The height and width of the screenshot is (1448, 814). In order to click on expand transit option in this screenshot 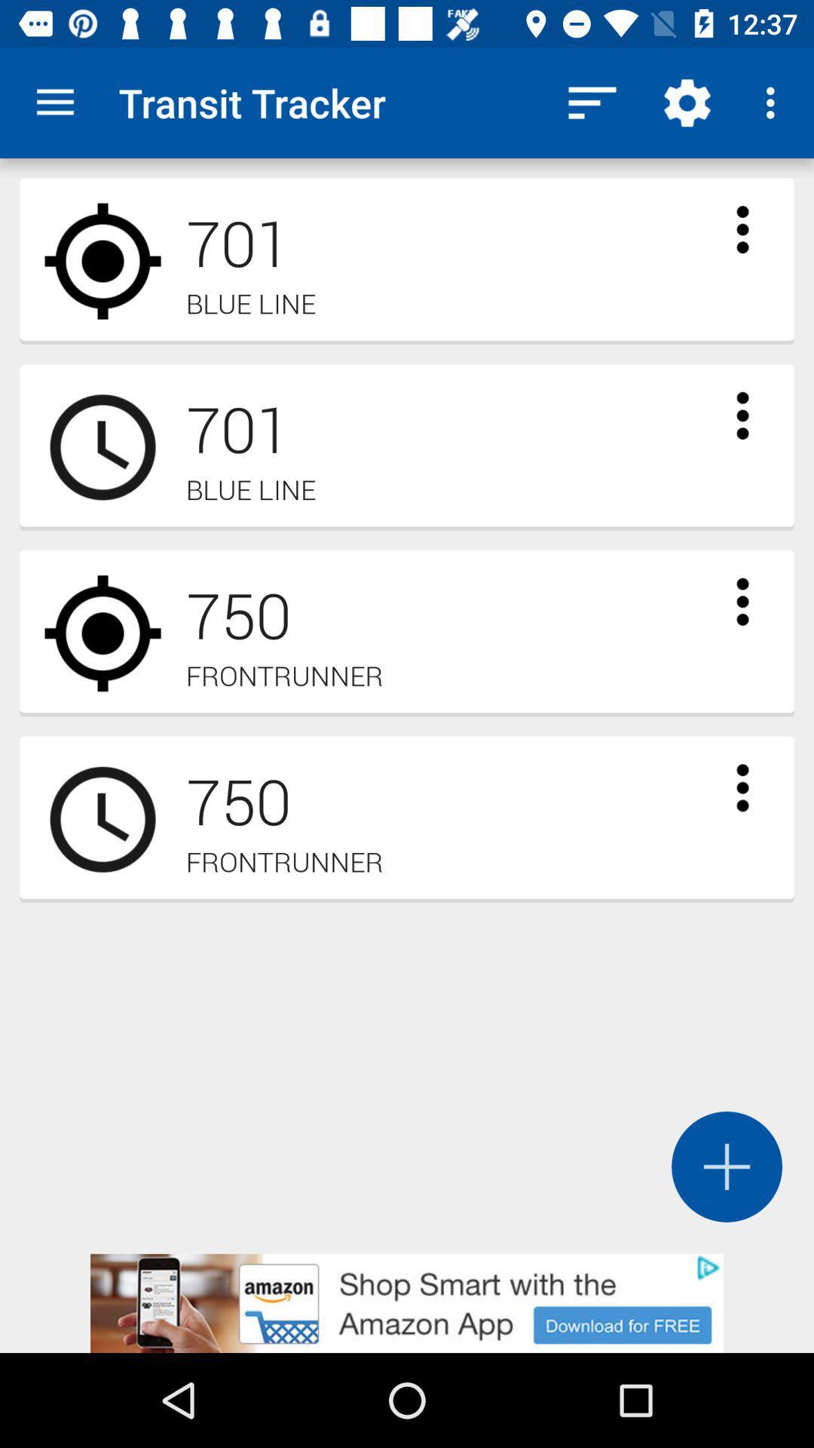, I will do `click(742, 229)`.